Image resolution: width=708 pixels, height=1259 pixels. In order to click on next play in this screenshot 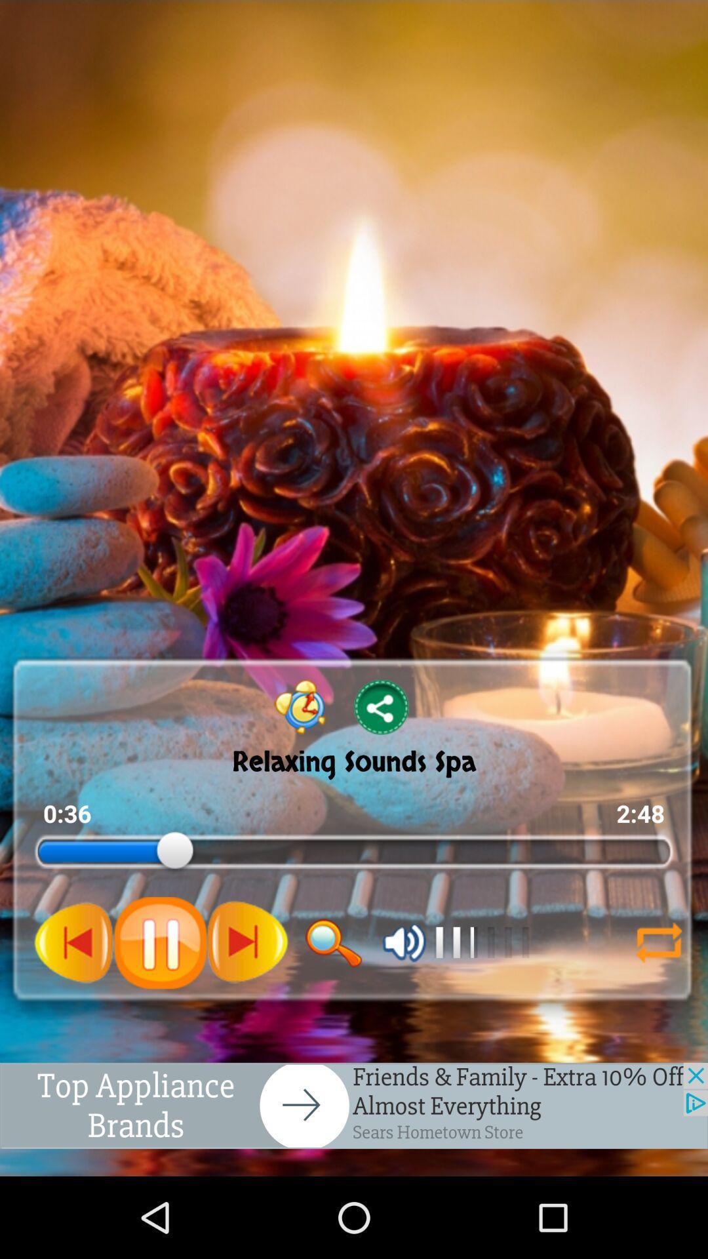, I will do `click(74, 942)`.